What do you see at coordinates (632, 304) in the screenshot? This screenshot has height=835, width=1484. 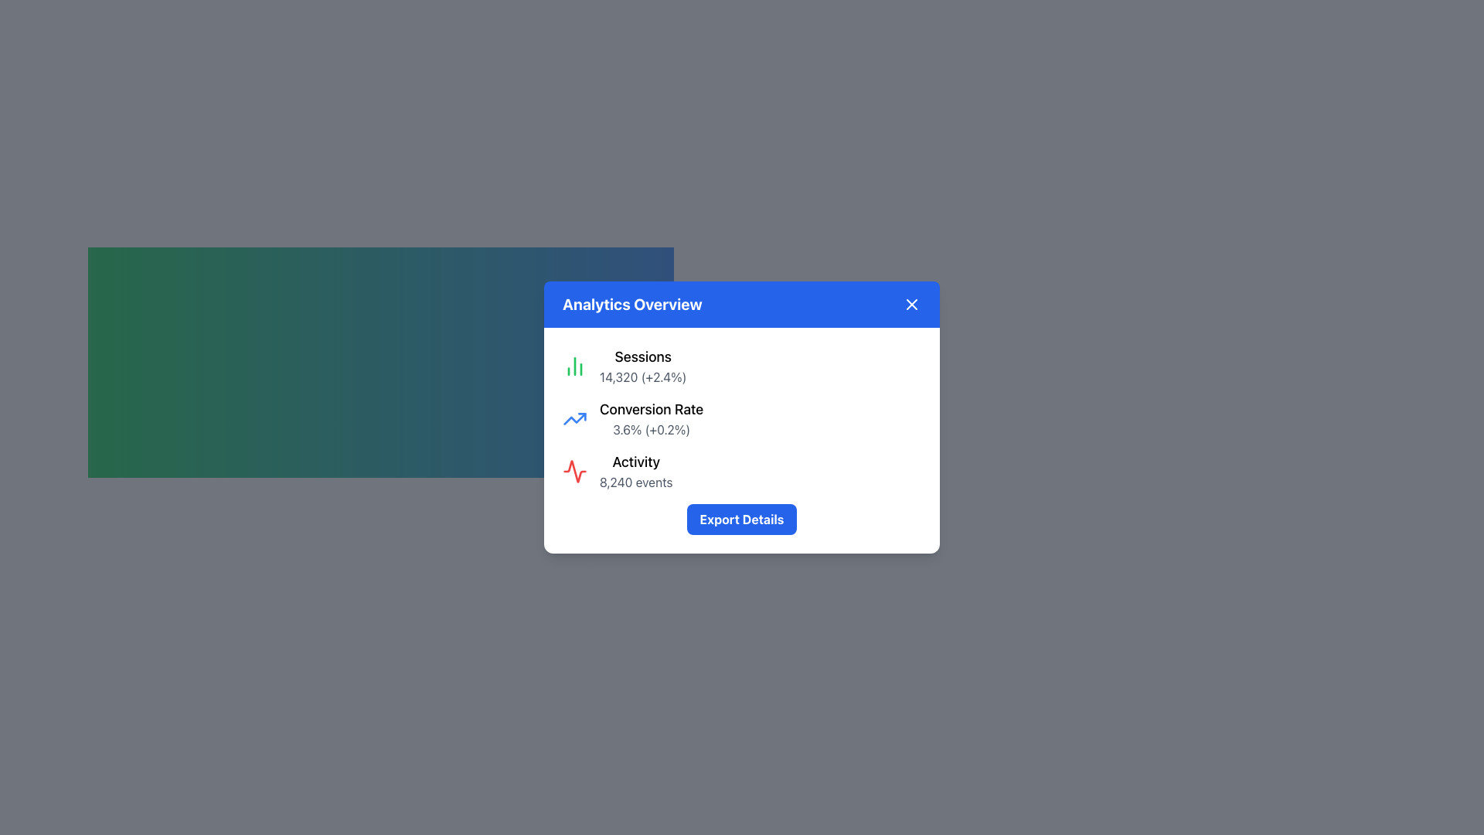 I see `text of the Heading element located at the top-left of the blue header bar in the analytics data display area` at bounding box center [632, 304].